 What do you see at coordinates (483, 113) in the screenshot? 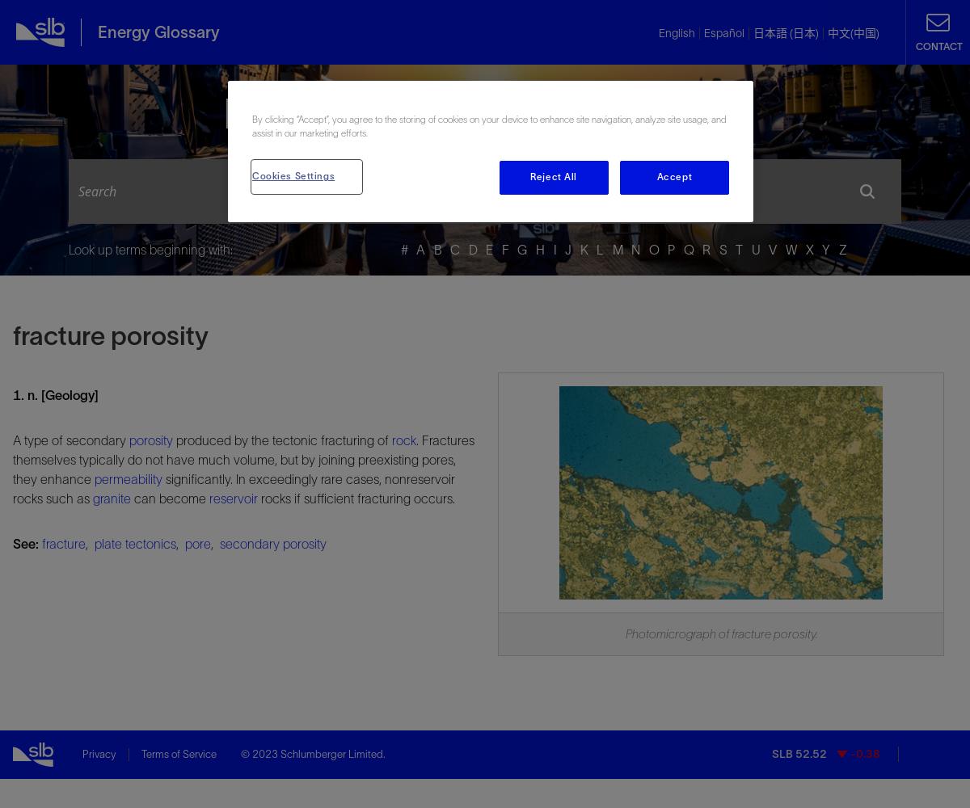
I see `'Explore the Energy Glossary'` at bounding box center [483, 113].